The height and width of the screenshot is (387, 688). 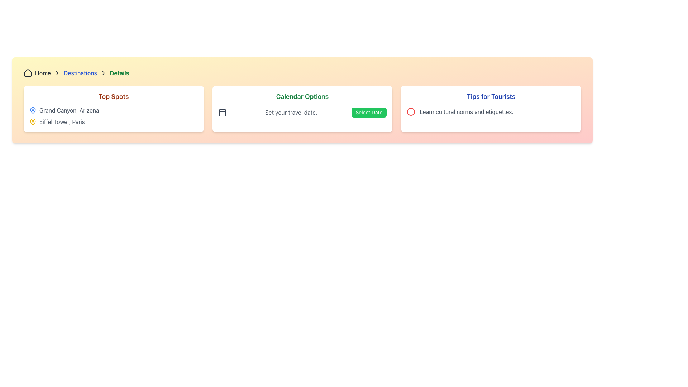 What do you see at coordinates (119, 73) in the screenshot?
I see `the 'Details' text label, which is styled with bold green font and is part of a breadcrumb navigation interface, located to the right of the 'Destinations' label` at bounding box center [119, 73].